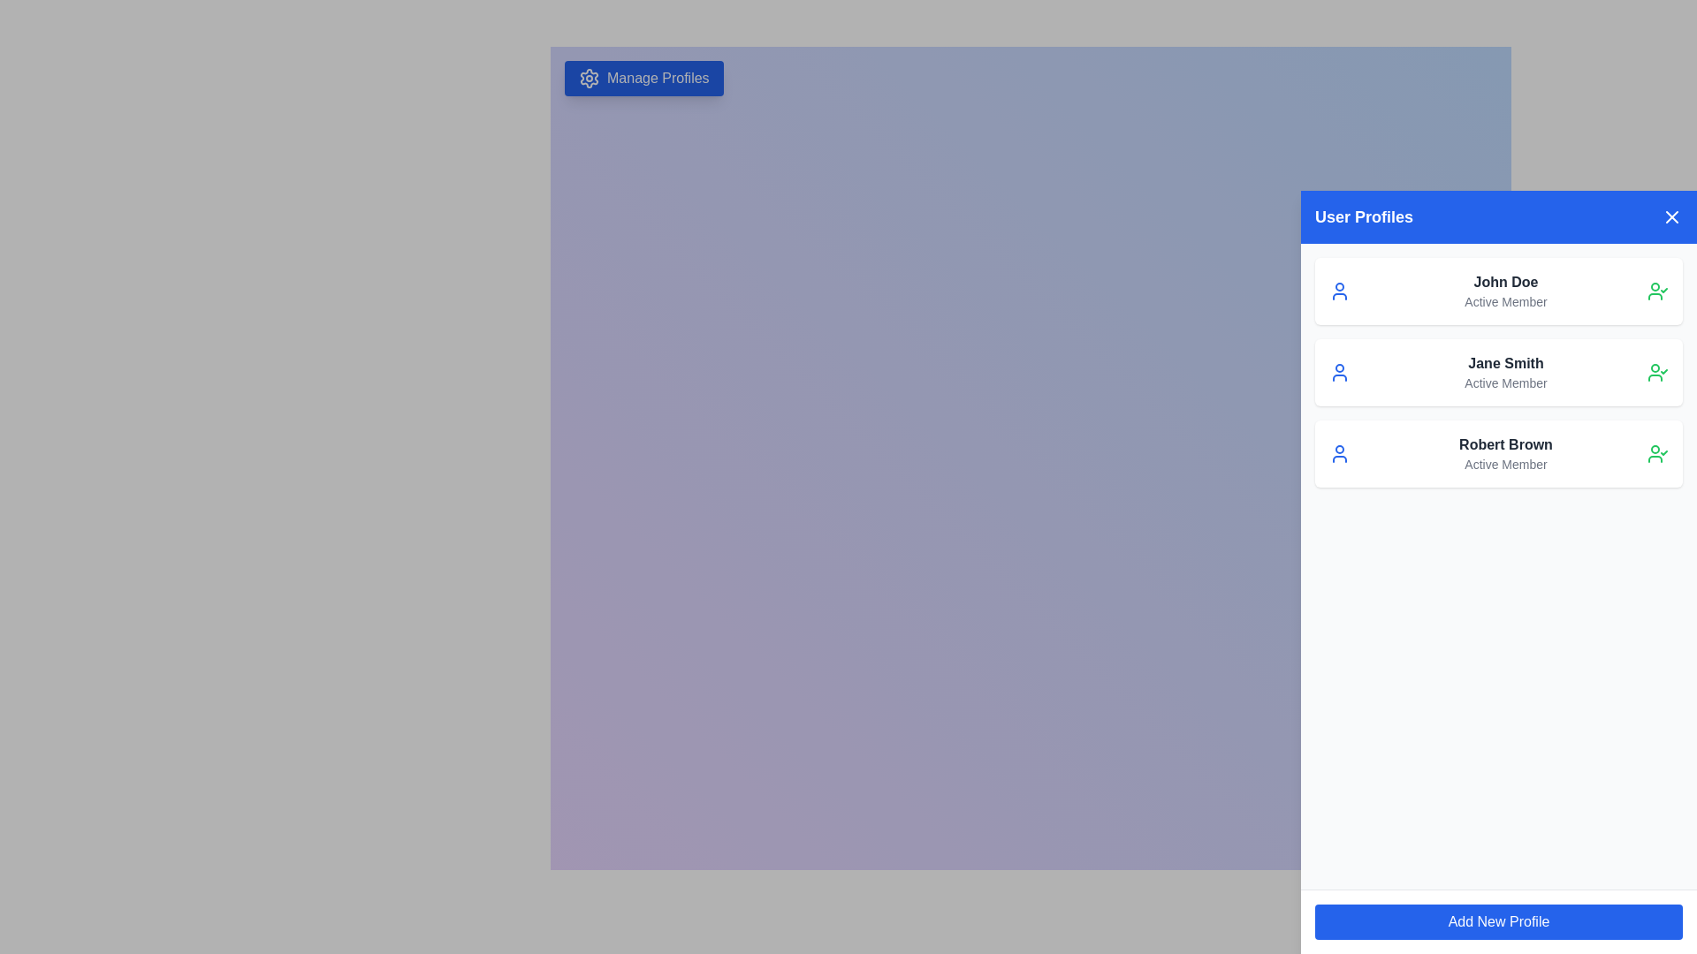  Describe the element at coordinates (1670, 216) in the screenshot. I see `the close button with a white 'X' icon in the top-right corner of the blue title bar labeled 'User Profiles'` at that location.